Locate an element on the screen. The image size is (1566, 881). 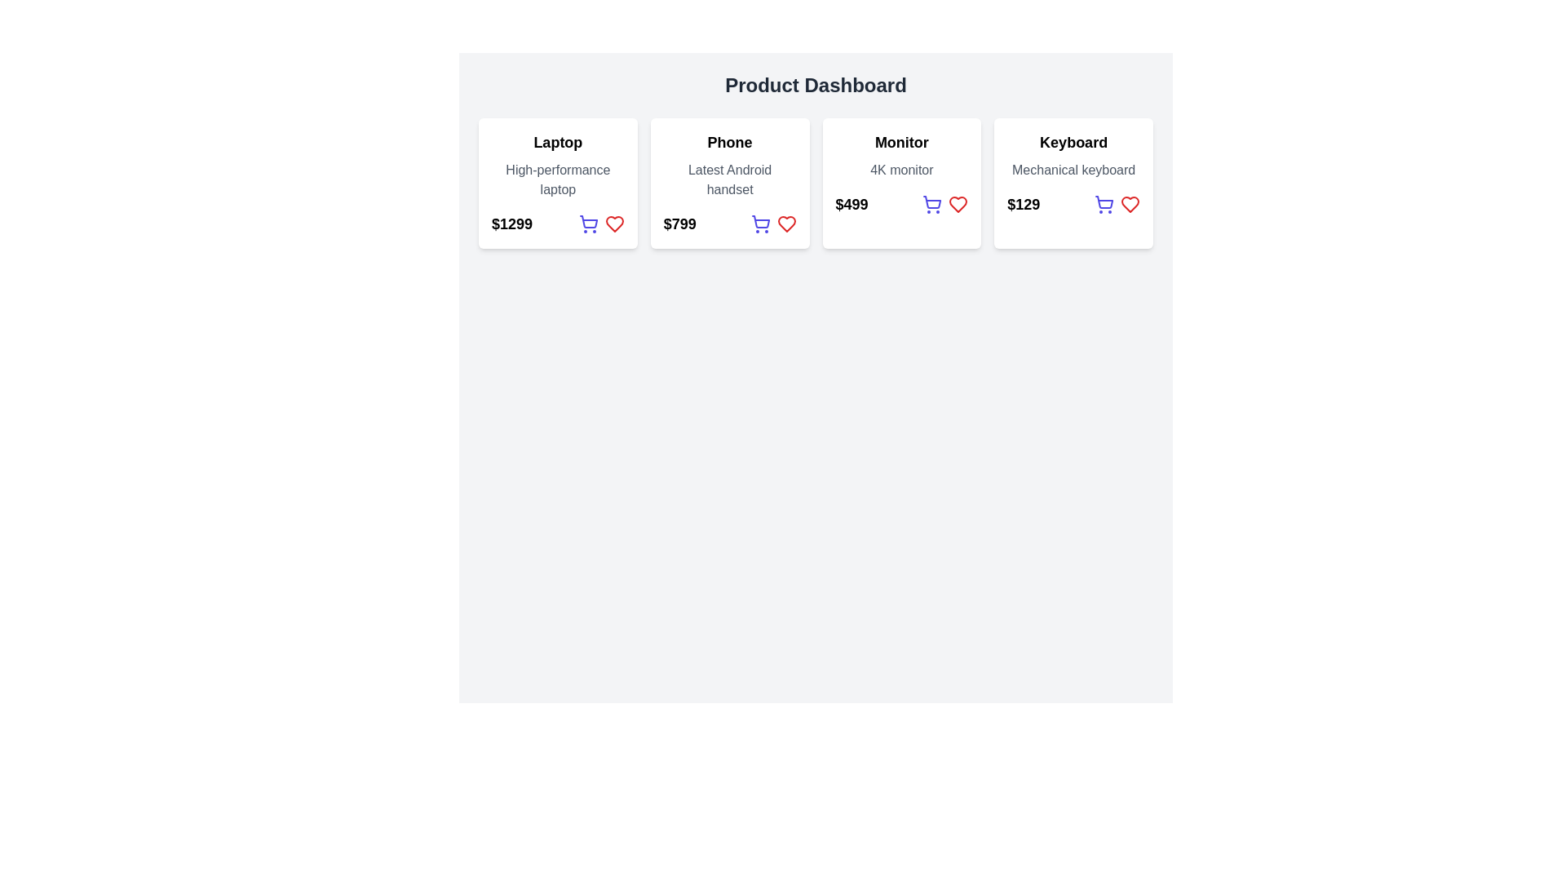
the shopping cart button styled in indigo located under the price of the 'Phone' product card is located at coordinates (759, 224).